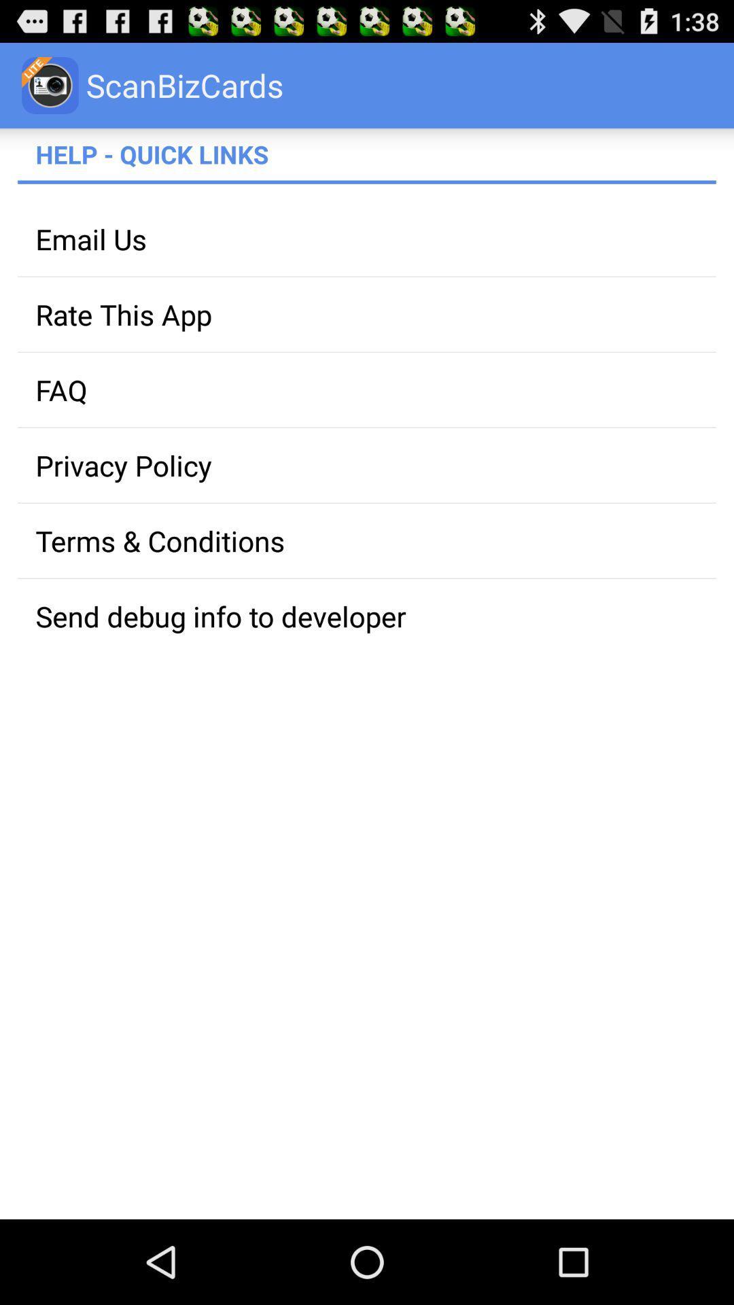  I want to click on the email us, so click(367, 239).